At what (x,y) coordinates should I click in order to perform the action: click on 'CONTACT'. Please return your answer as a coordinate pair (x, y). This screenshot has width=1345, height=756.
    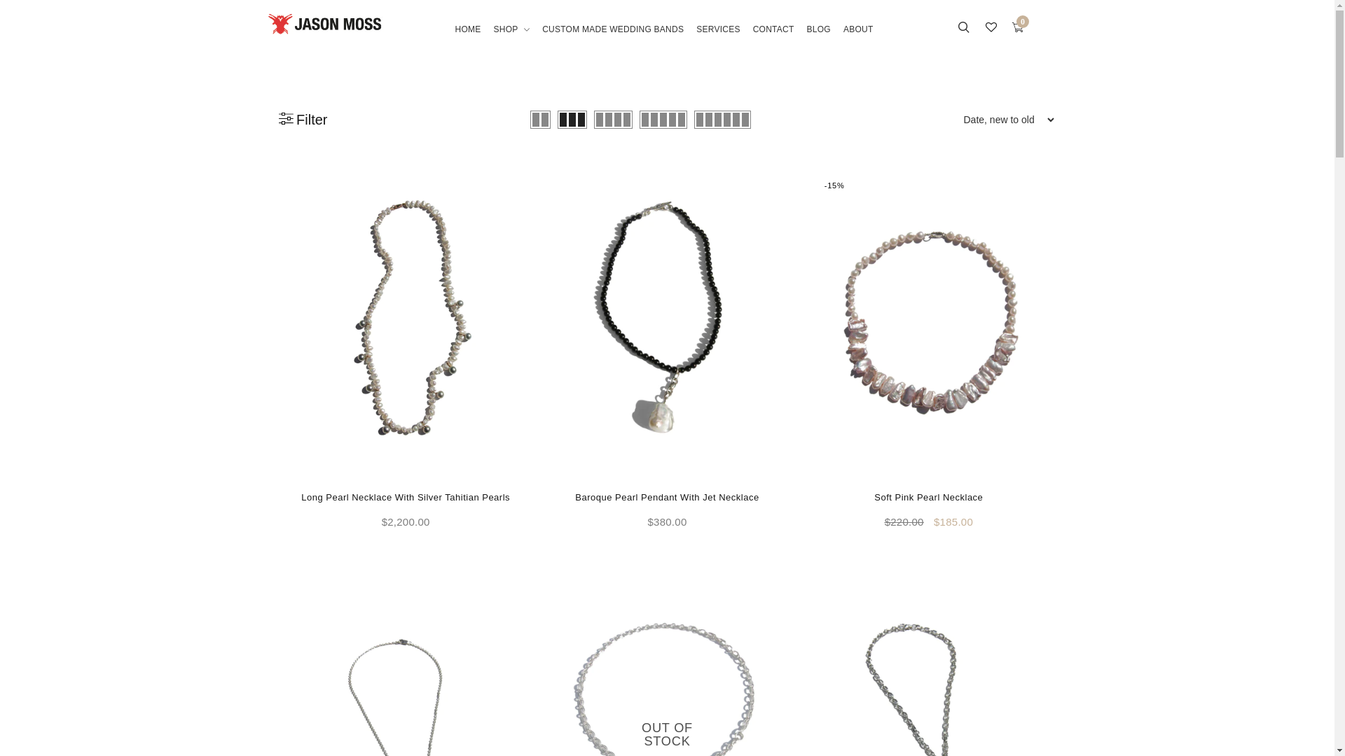
    Looking at the image, I should click on (773, 39).